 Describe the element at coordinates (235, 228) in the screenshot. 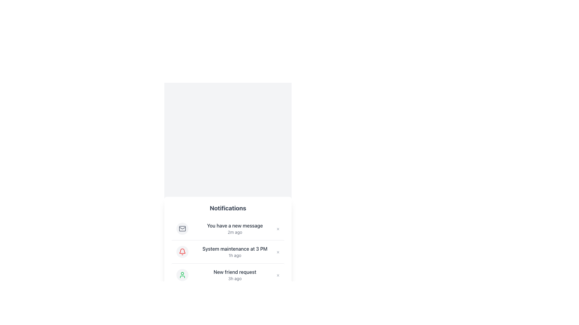

I see `notification content displayed in the text block that shows 'You have a new message' and '2m ago', located in the notification panel under the 'Notifications' section` at that location.